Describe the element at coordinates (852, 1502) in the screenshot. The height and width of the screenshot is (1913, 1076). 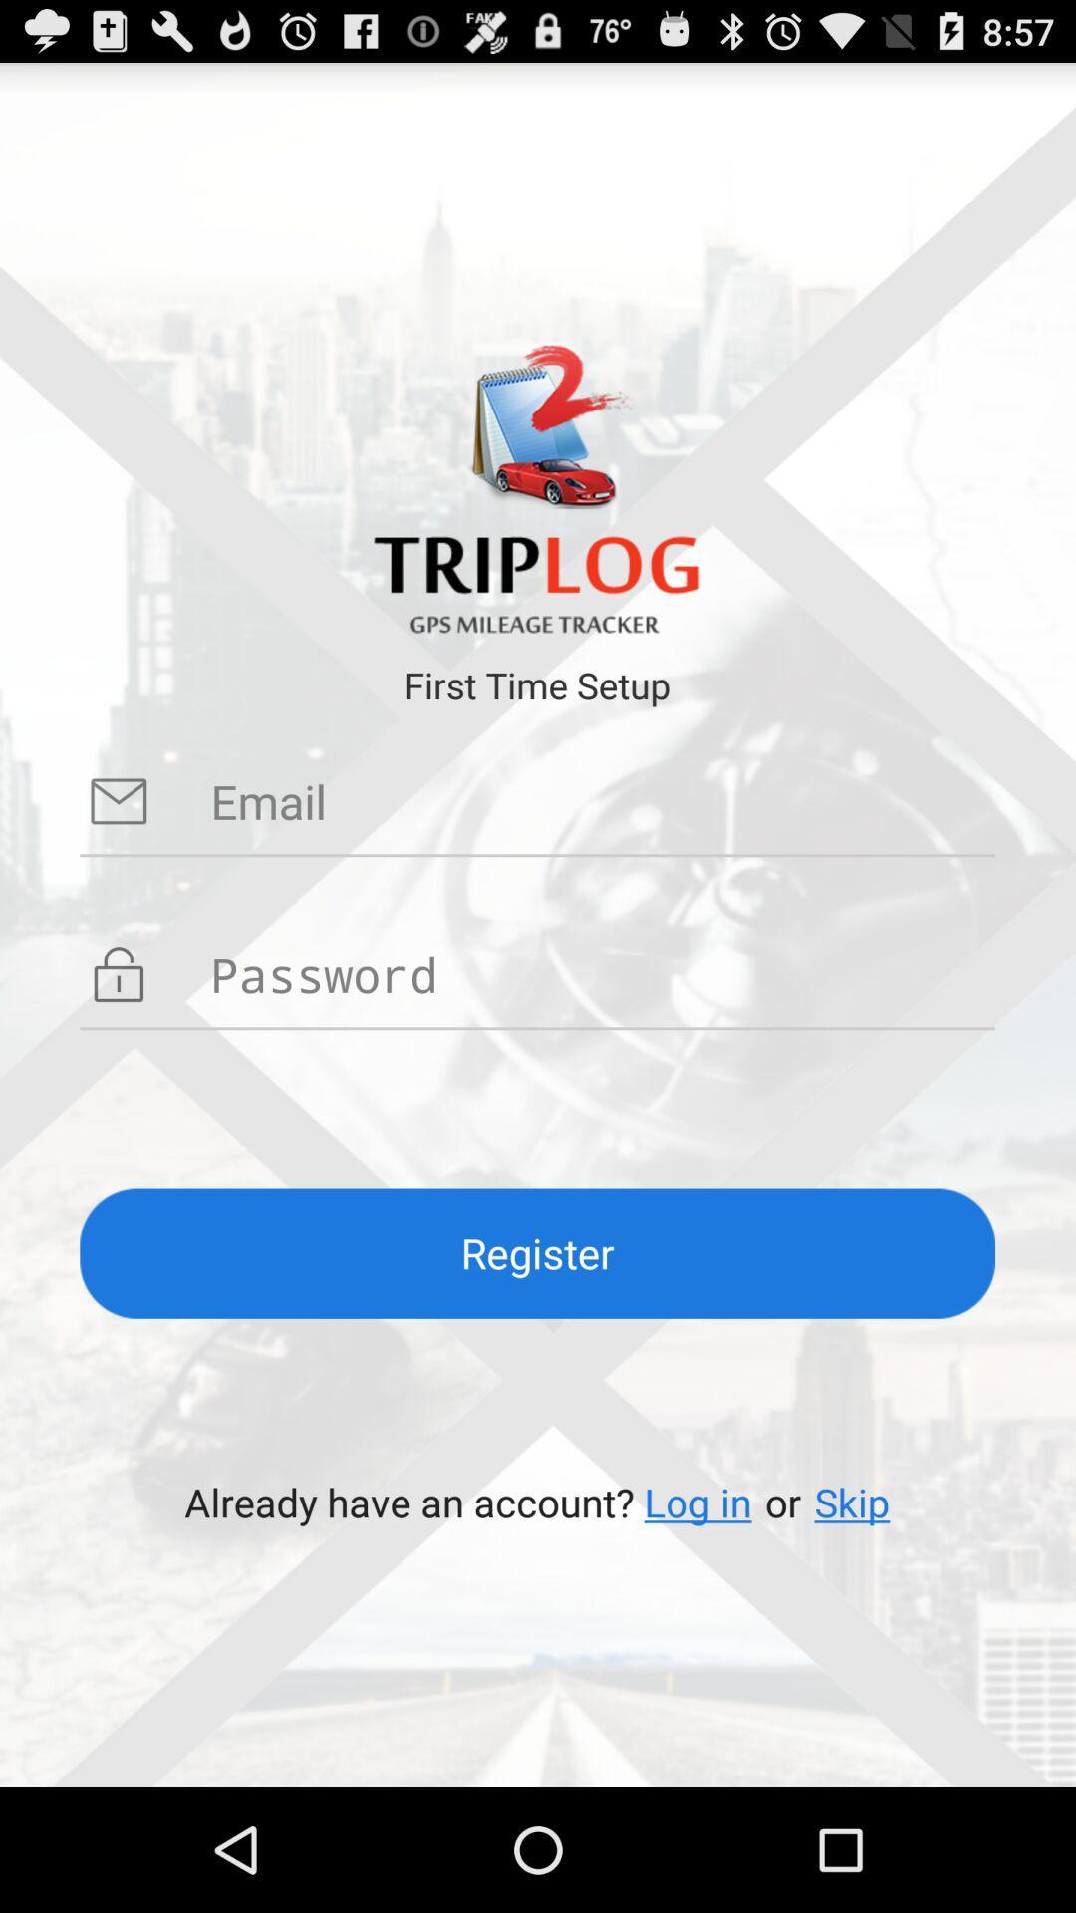
I see `app next to or app` at that location.